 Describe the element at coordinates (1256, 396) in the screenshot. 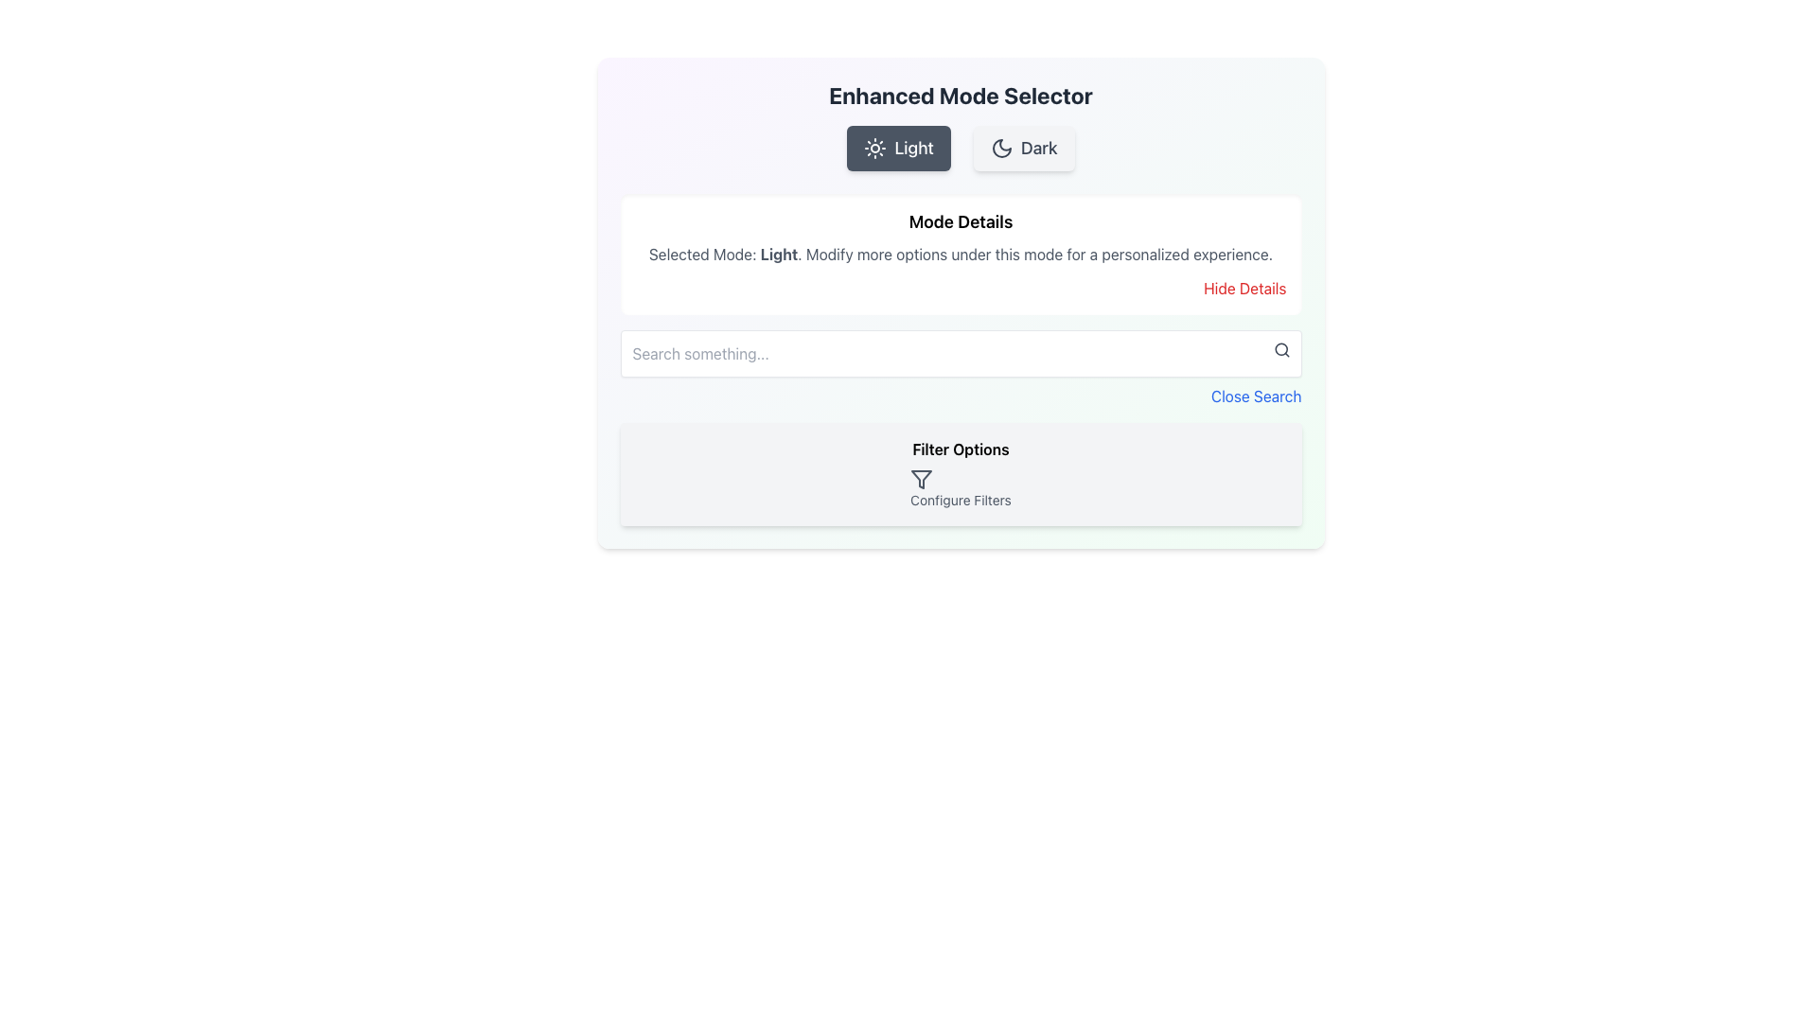

I see `the text-based hyperlink styled as a button labeled 'Close Search'` at that location.